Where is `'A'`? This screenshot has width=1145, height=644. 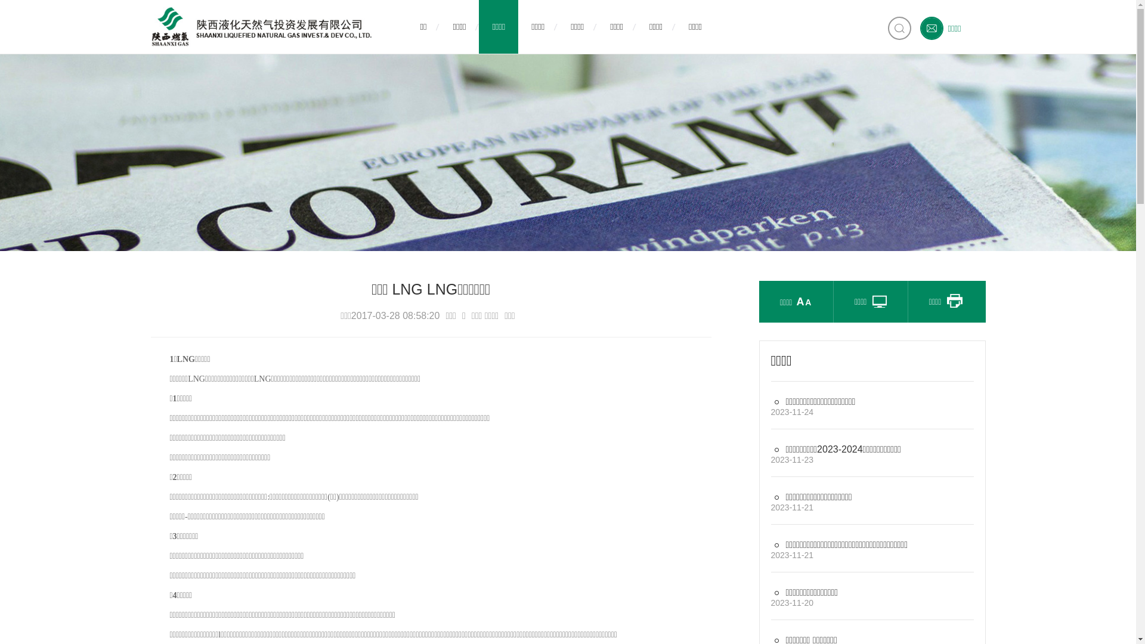
'A' is located at coordinates (800, 301).